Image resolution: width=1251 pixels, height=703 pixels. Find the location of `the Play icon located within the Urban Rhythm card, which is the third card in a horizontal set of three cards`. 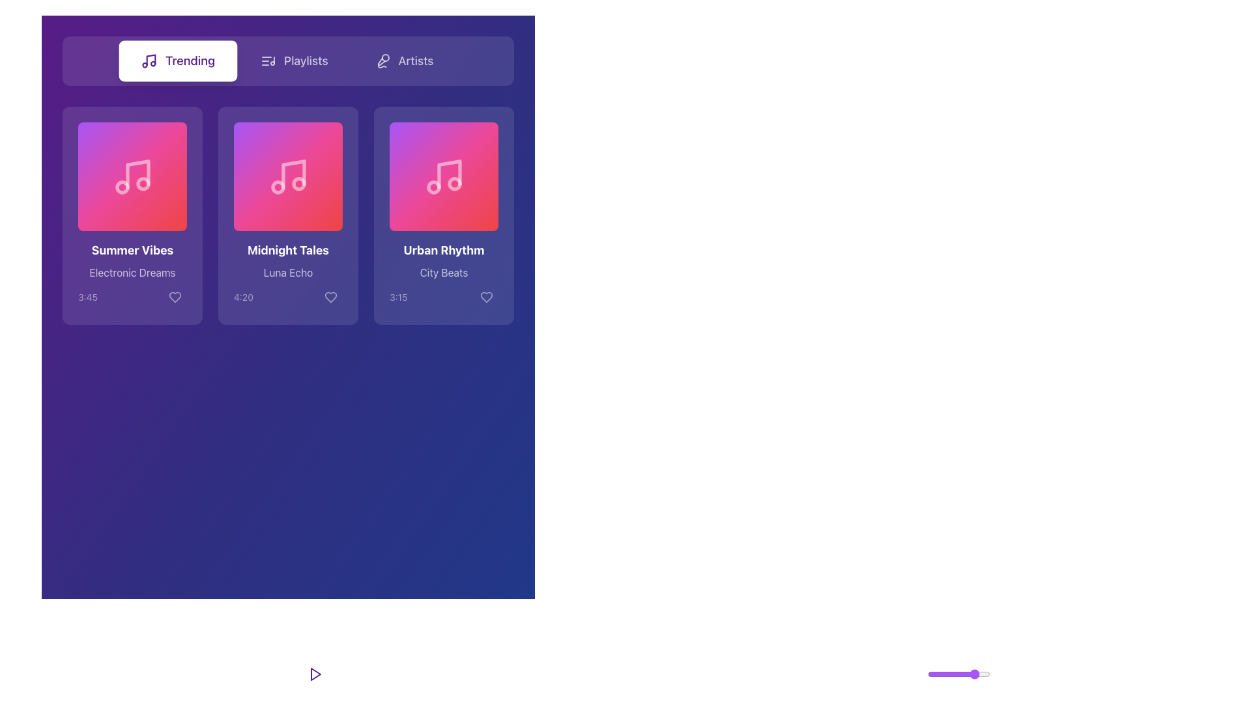

the Play icon located within the Urban Rhythm card, which is the third card in a horizontal set of three cards is located at coordinates (446, 176).